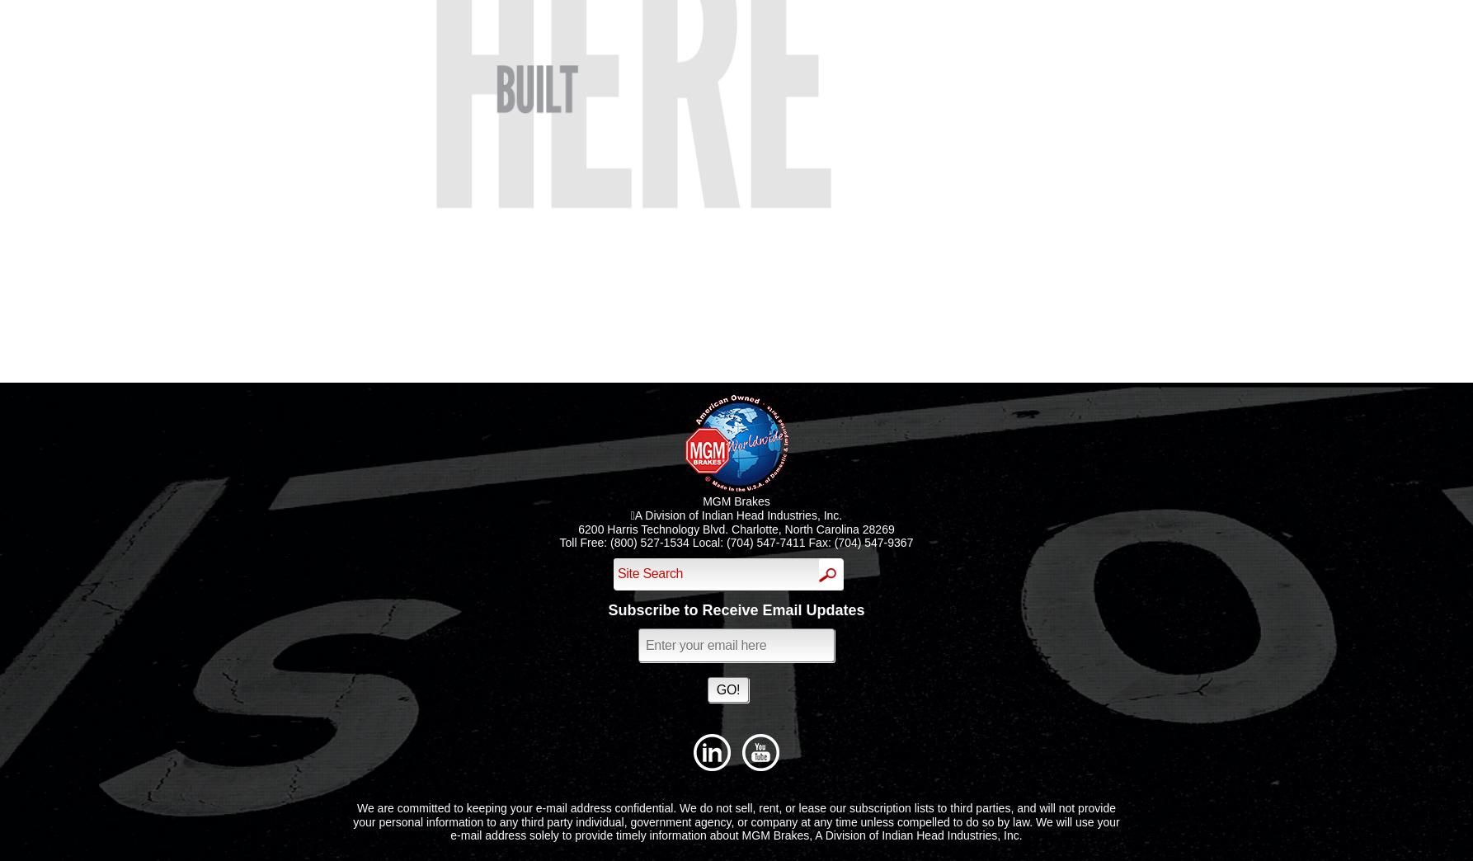 The image size is (1473, 861). What do you see at coordinates (735, 609) in the screenshot?
I see `'Subscribe to Receive Email Updates'` at bounding box center [735, 609].